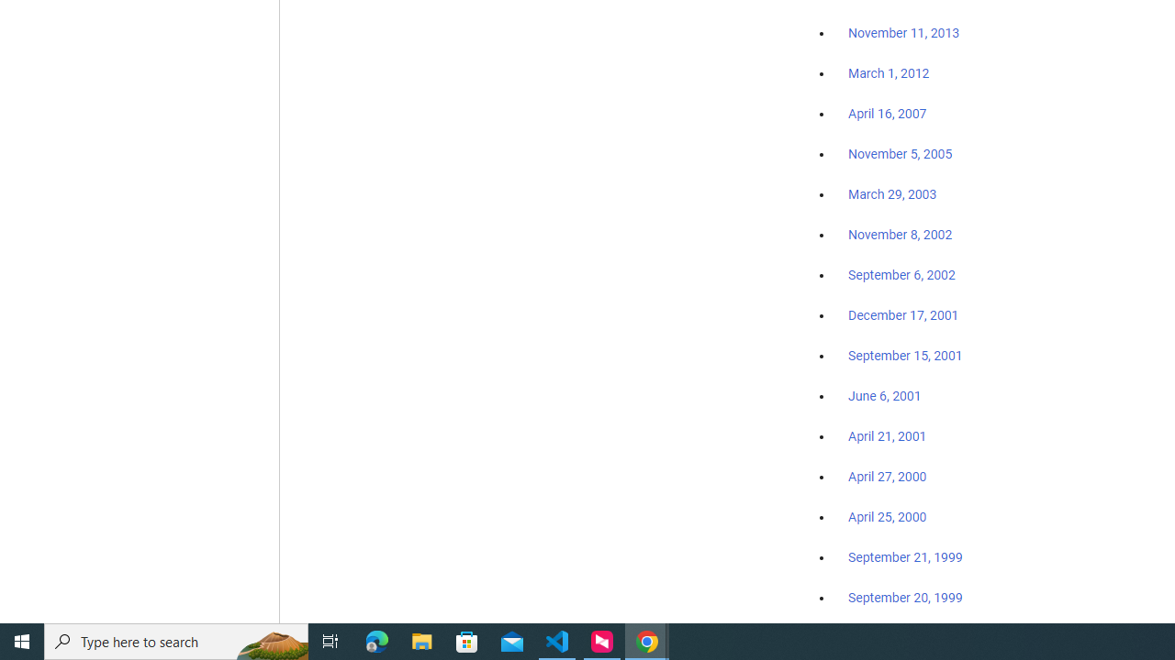 This screenshot has height=660, width=1175. What do you see at coordinates (901, 234) in the screenshot?
I see `'November 8, 2002'` at bounding box center [901, 234].